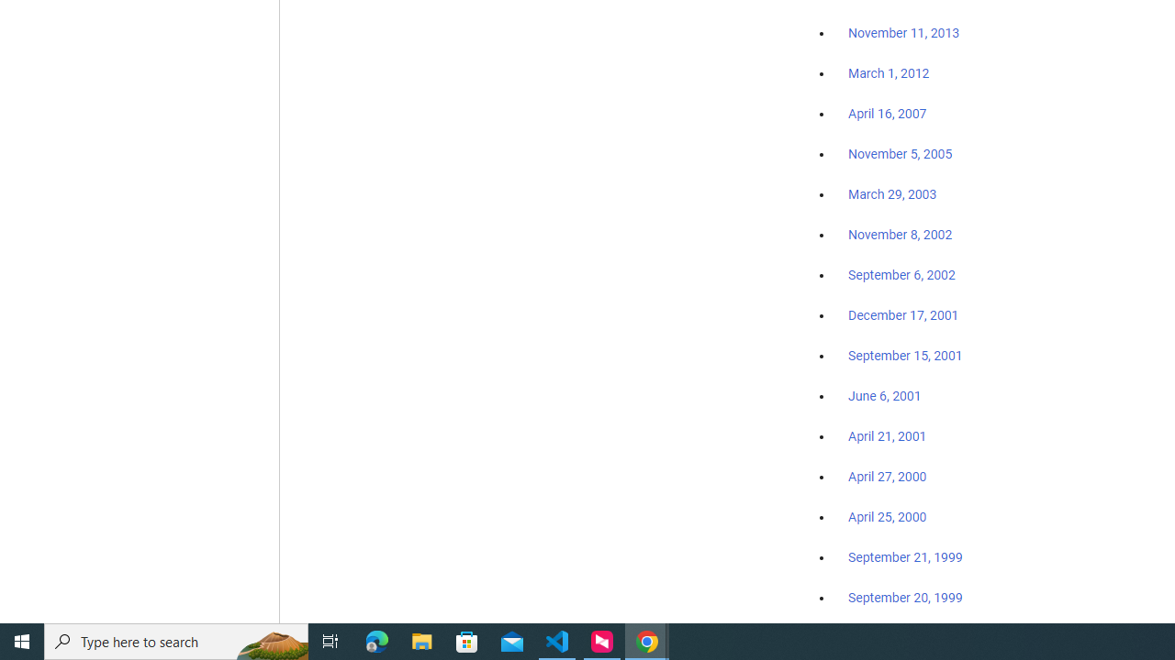 This screenshot has height=660, width=1175. What do you see at coordinates (901, 234) in the screenshot?
I see `'November 8, 2002'` at bounding box center [901, 234].